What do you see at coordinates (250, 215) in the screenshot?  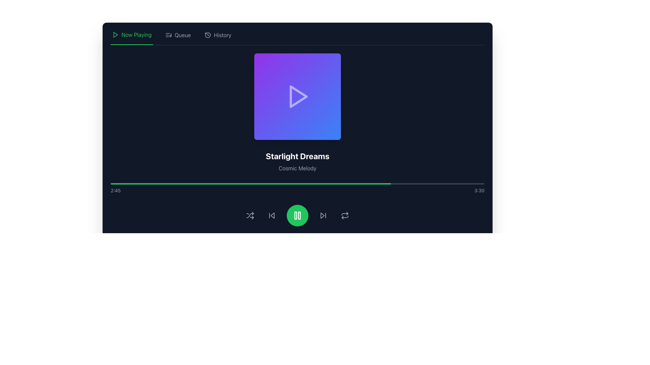 I see `the shuffle icon, which is the first icon in a horizontal row of controls` at bounding box center [250, 215].